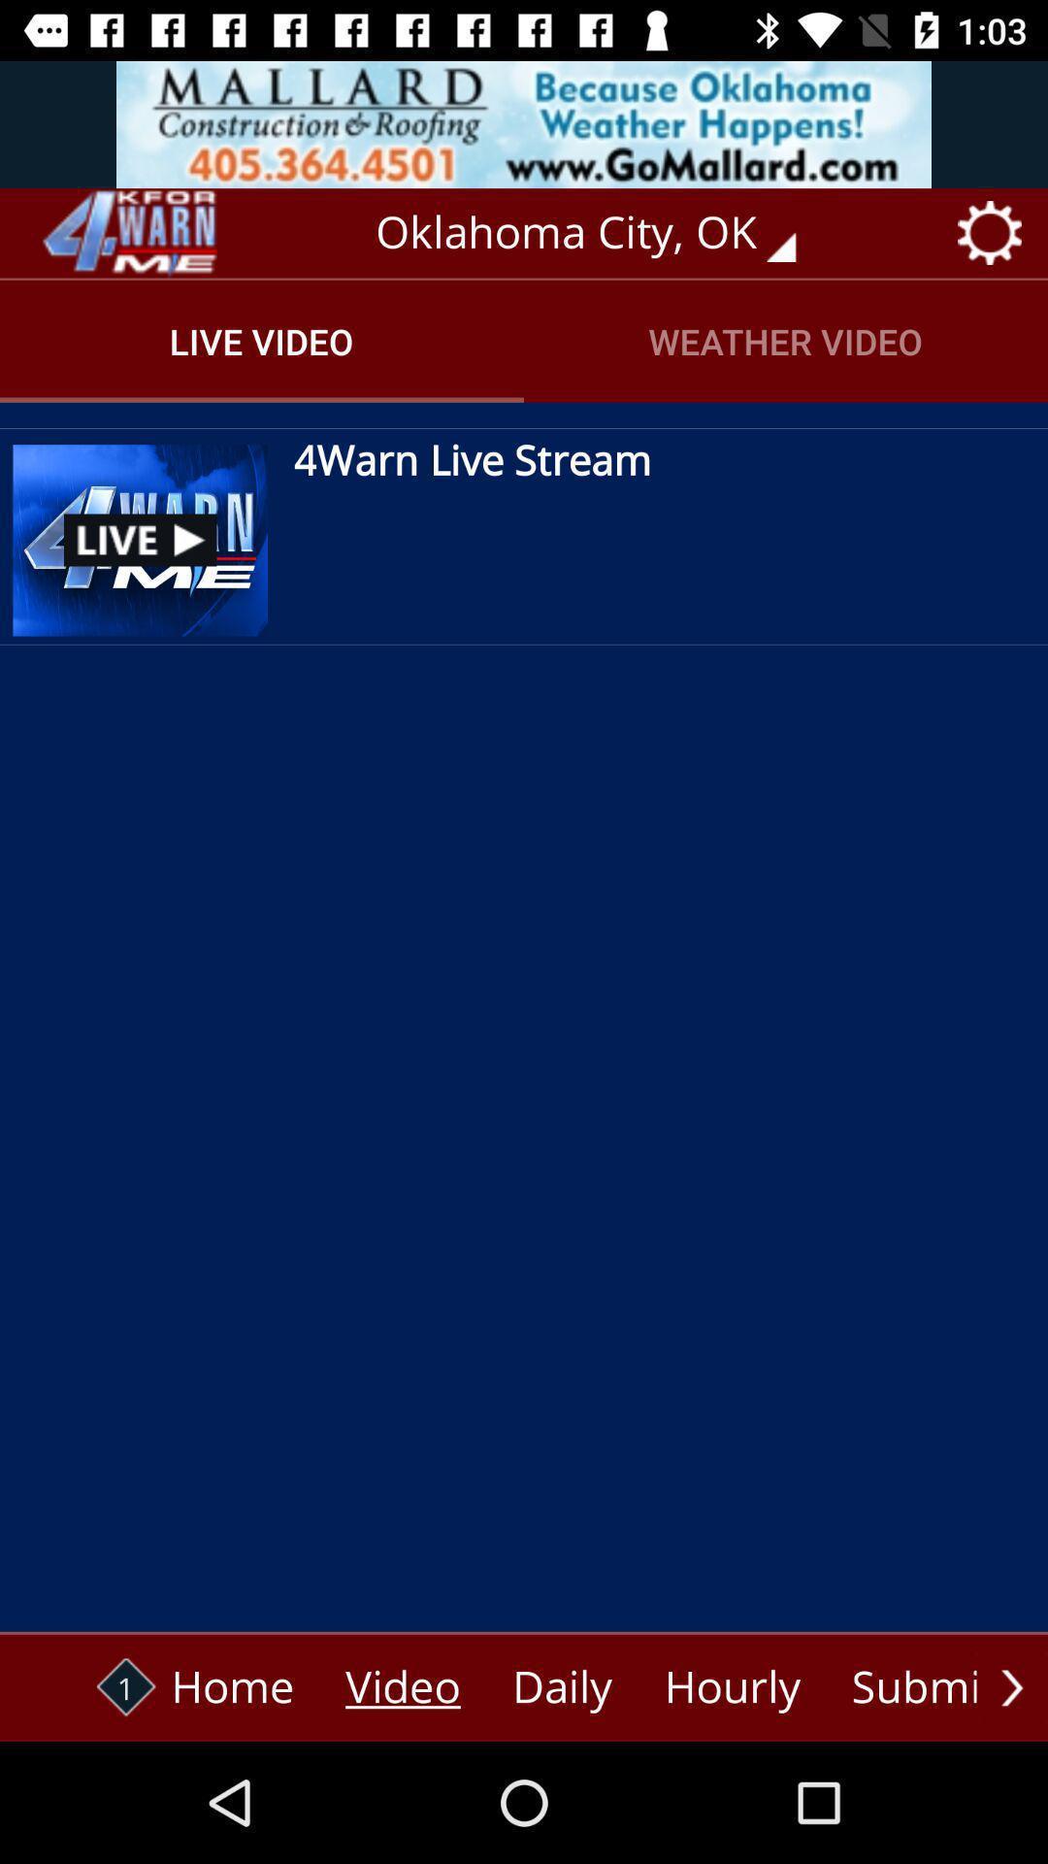 The height and width of the screenshot is (1864, 1048). What do you see at coordinates (127, 233) in the screenshot?
I see `icon to the left of oklahoma city, ok icon` at bounding box center [127, 233].